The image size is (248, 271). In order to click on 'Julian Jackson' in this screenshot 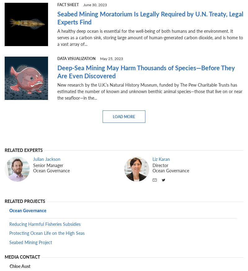, I will do `click(33, 159)`.